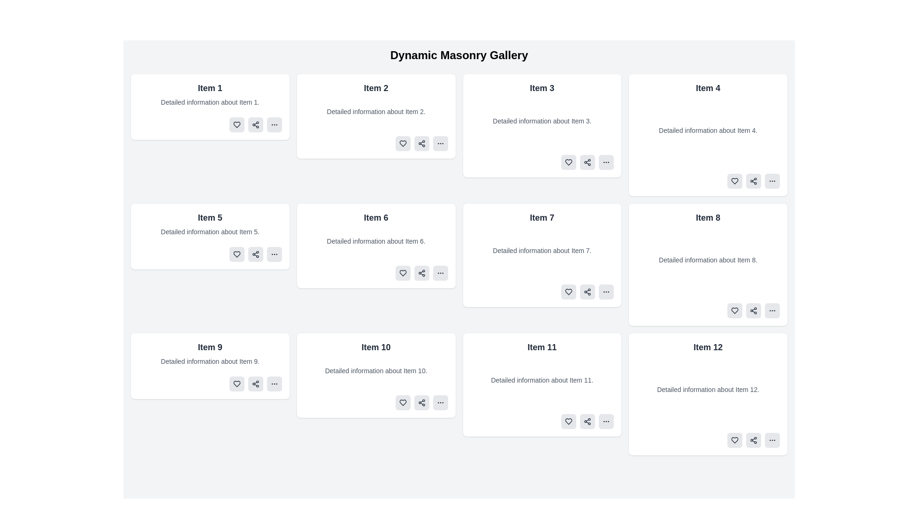  I want to click on the horizontal ellipsis menu icon located at the bottom-right corner of the 'Item 9' card, so click(274, 384).